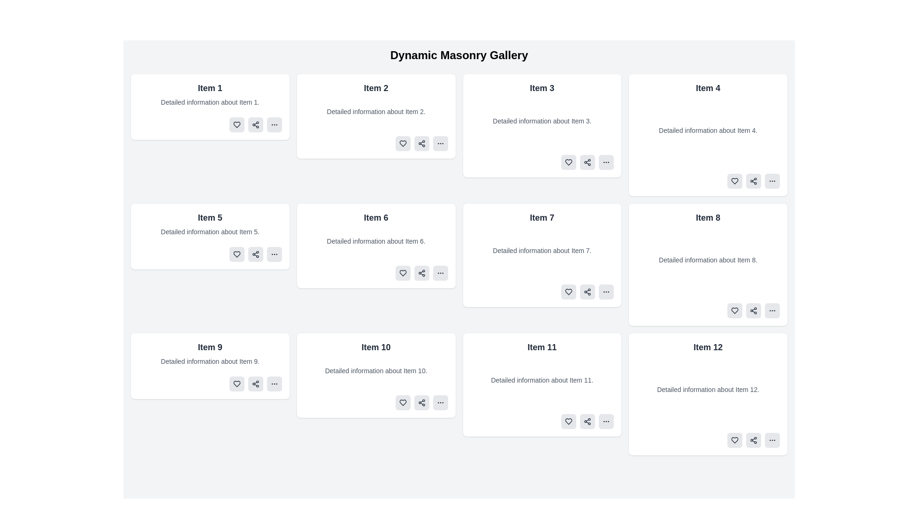  I want to click on the horizontal ellipsis menu icon located at the bottom-right corner of the 'Item 9' card, so click(274, 384).